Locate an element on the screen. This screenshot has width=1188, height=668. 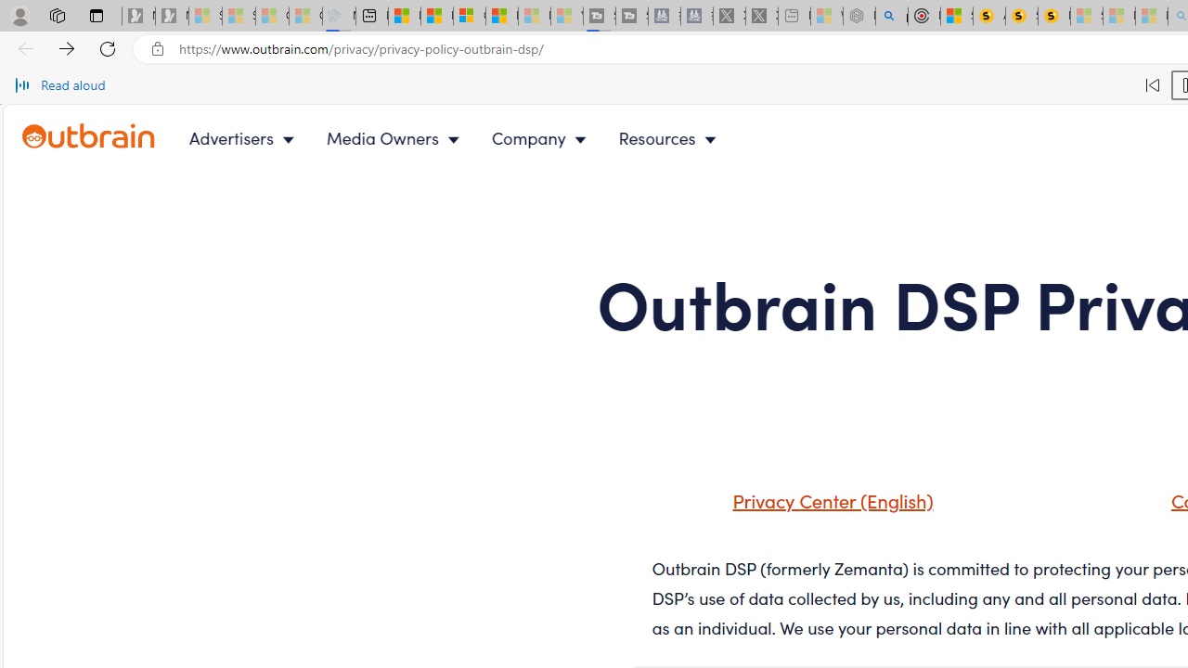
'Michelle Starr, Senior Journalist at ScienceAlert' is located at coordinates (1054, 16).